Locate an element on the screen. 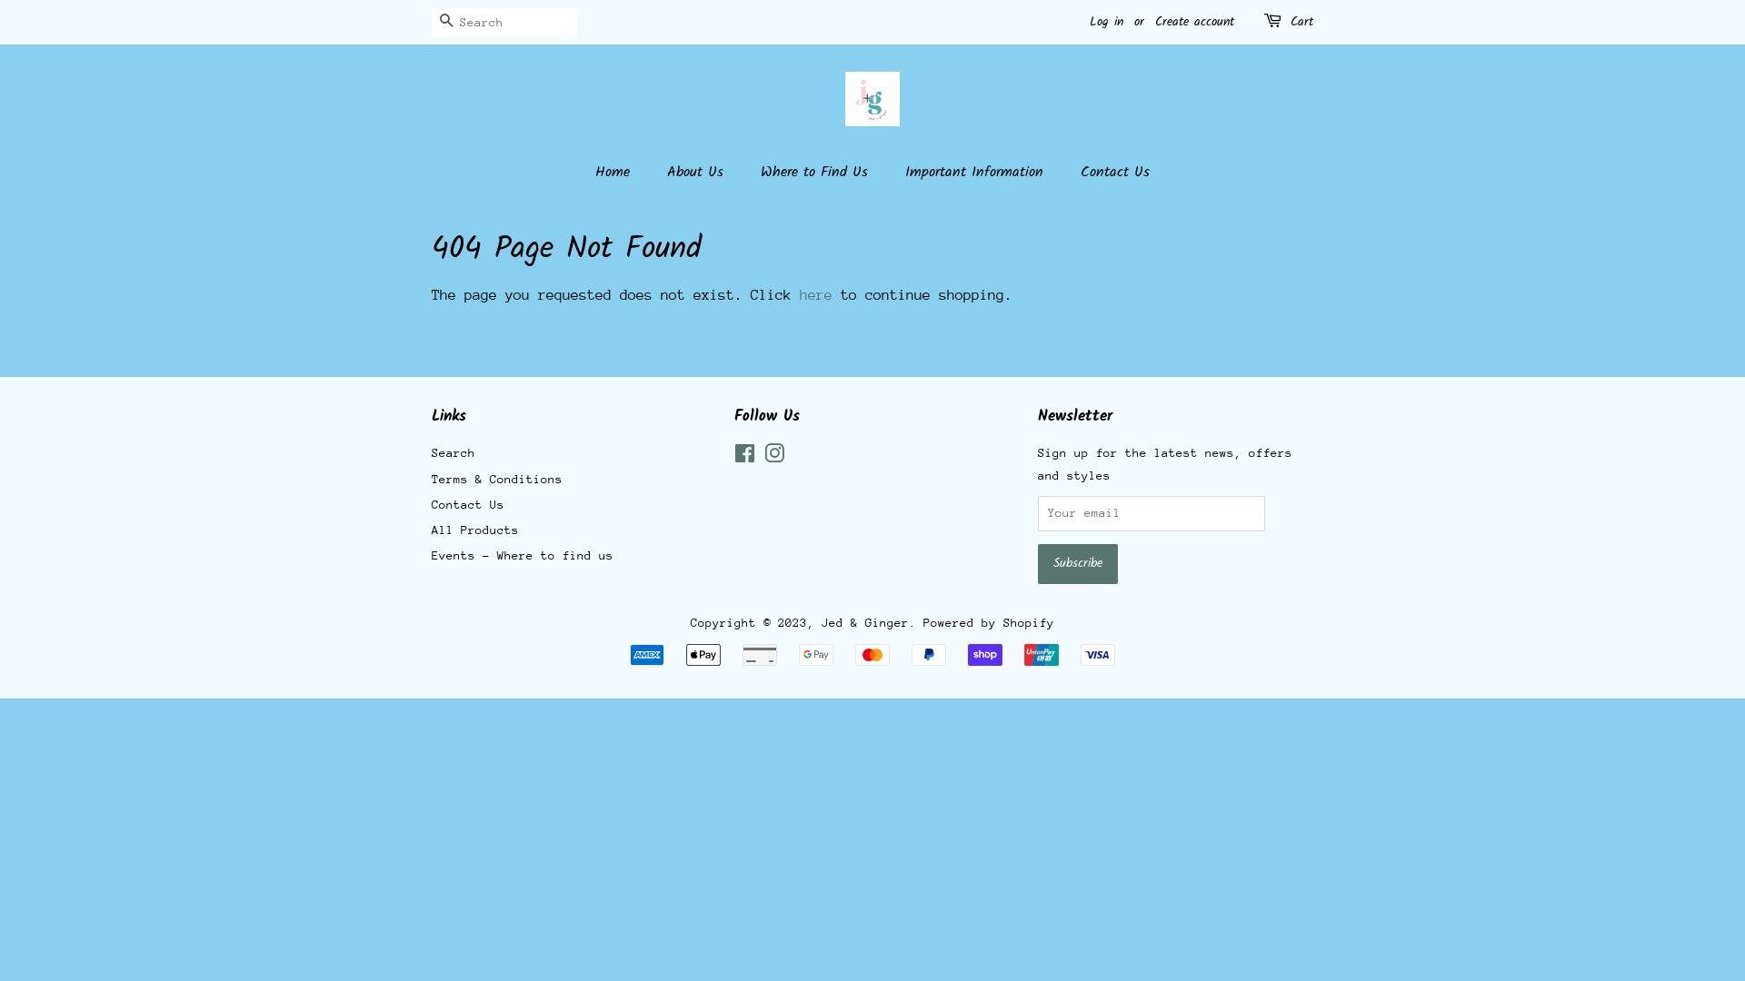 This screenshot has width=1745, height=981. 'About Us' is located at coordinates (696, 172).